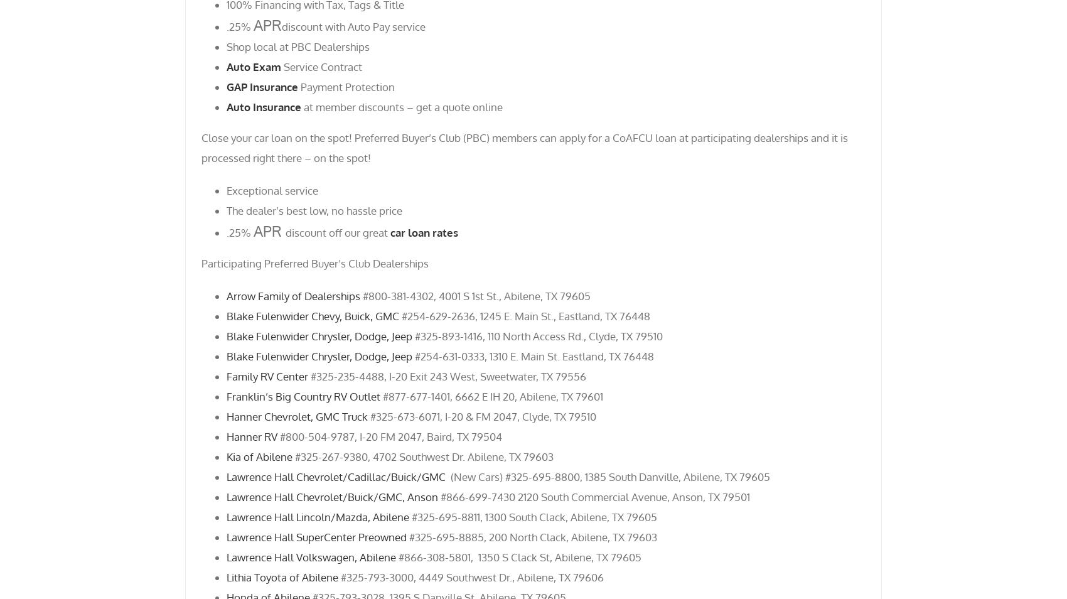  I want to click on 'off our great', so click(326, 232).